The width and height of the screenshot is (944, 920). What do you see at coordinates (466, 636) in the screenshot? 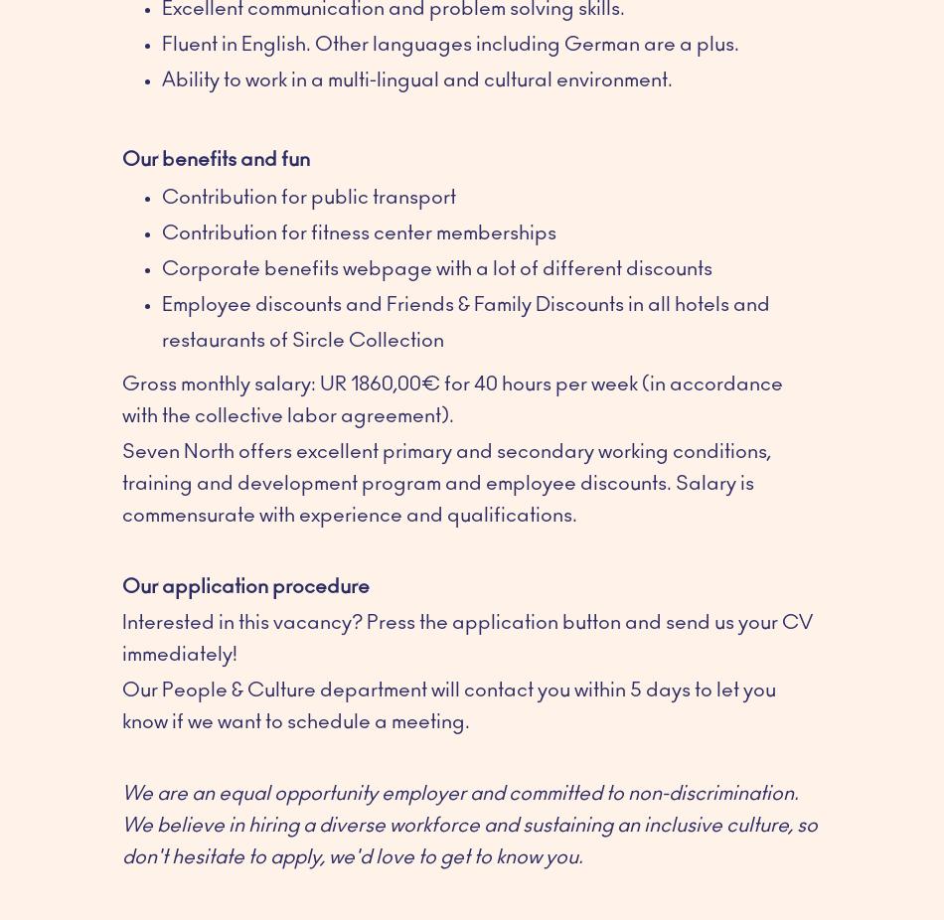
I see `'Interested in this vacancy? Press the application button and send us your CV  immediately!'` at bounding box center [466, 636].